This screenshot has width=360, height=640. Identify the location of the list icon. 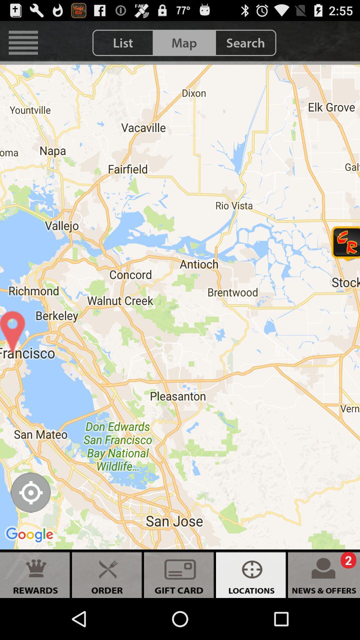
(123, 42).